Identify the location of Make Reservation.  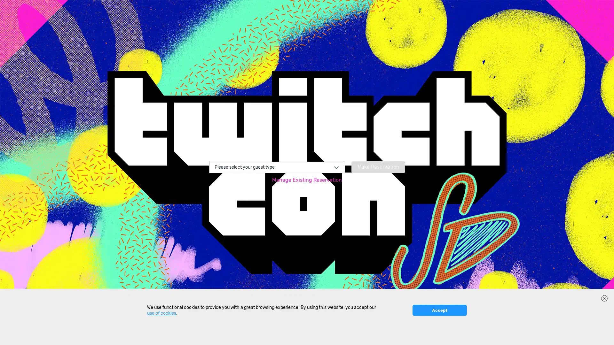
(378, 166).